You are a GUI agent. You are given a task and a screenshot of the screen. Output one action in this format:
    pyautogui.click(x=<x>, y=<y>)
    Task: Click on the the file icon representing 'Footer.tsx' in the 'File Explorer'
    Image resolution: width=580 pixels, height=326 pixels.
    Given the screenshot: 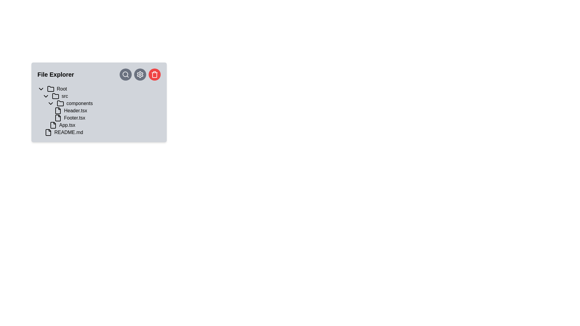 What is the action you would take?
    pyautogui.click(x=58, y=118)
    